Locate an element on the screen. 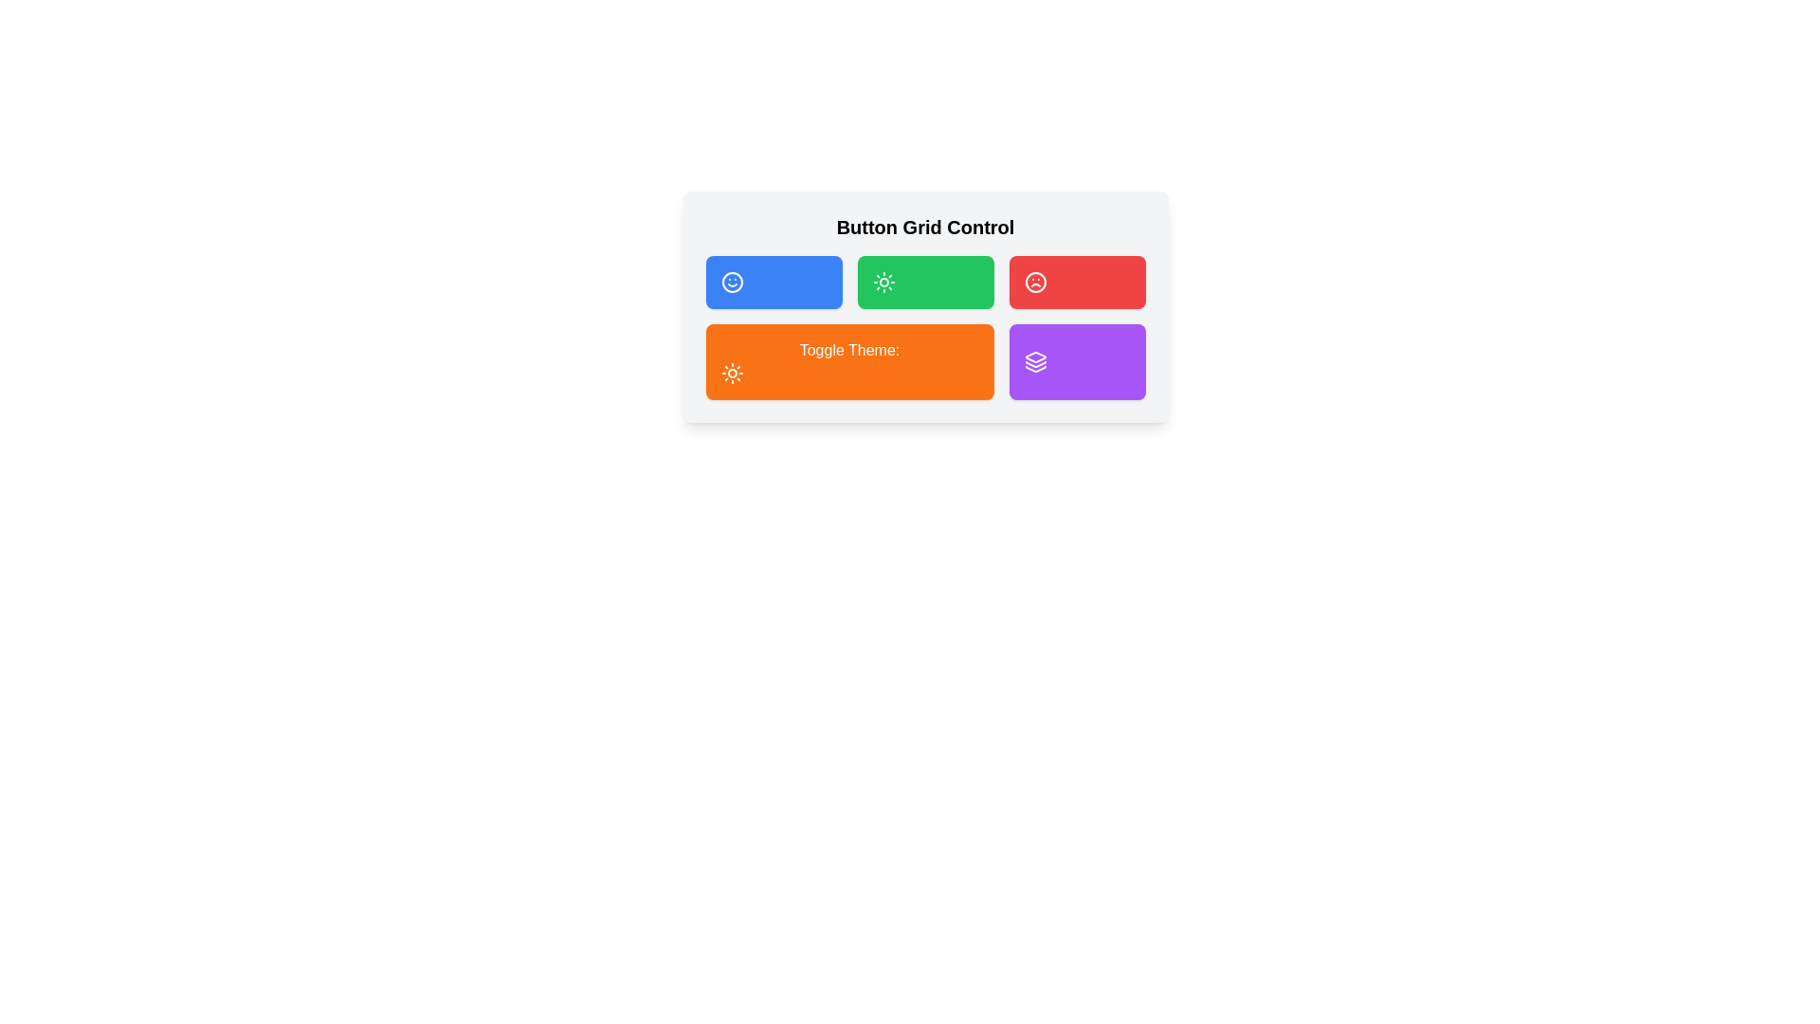  the sun icon located within the orange 'Toggle Theme:' button is located at coordinates (731, 373).